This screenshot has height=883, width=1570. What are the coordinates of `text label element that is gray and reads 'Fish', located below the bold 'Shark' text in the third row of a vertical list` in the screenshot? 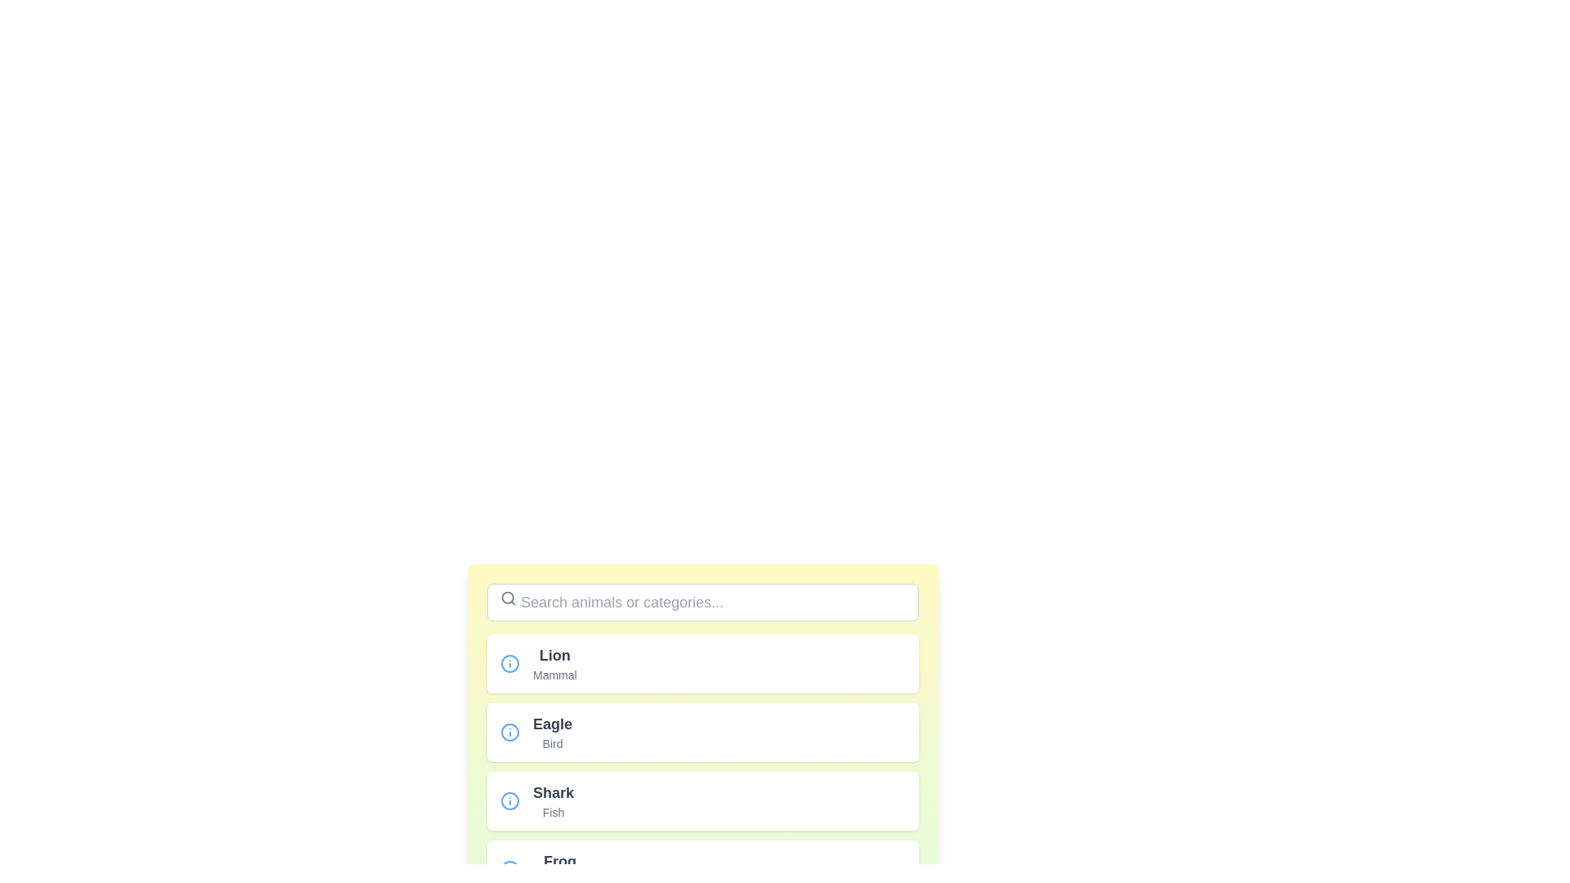 It's located at (553, 813).